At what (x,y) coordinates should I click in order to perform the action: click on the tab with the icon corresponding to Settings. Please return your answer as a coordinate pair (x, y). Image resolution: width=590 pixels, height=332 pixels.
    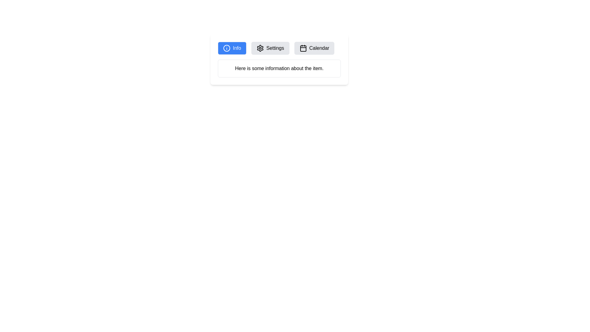
    Looking at the image, I should click on (270, 48).